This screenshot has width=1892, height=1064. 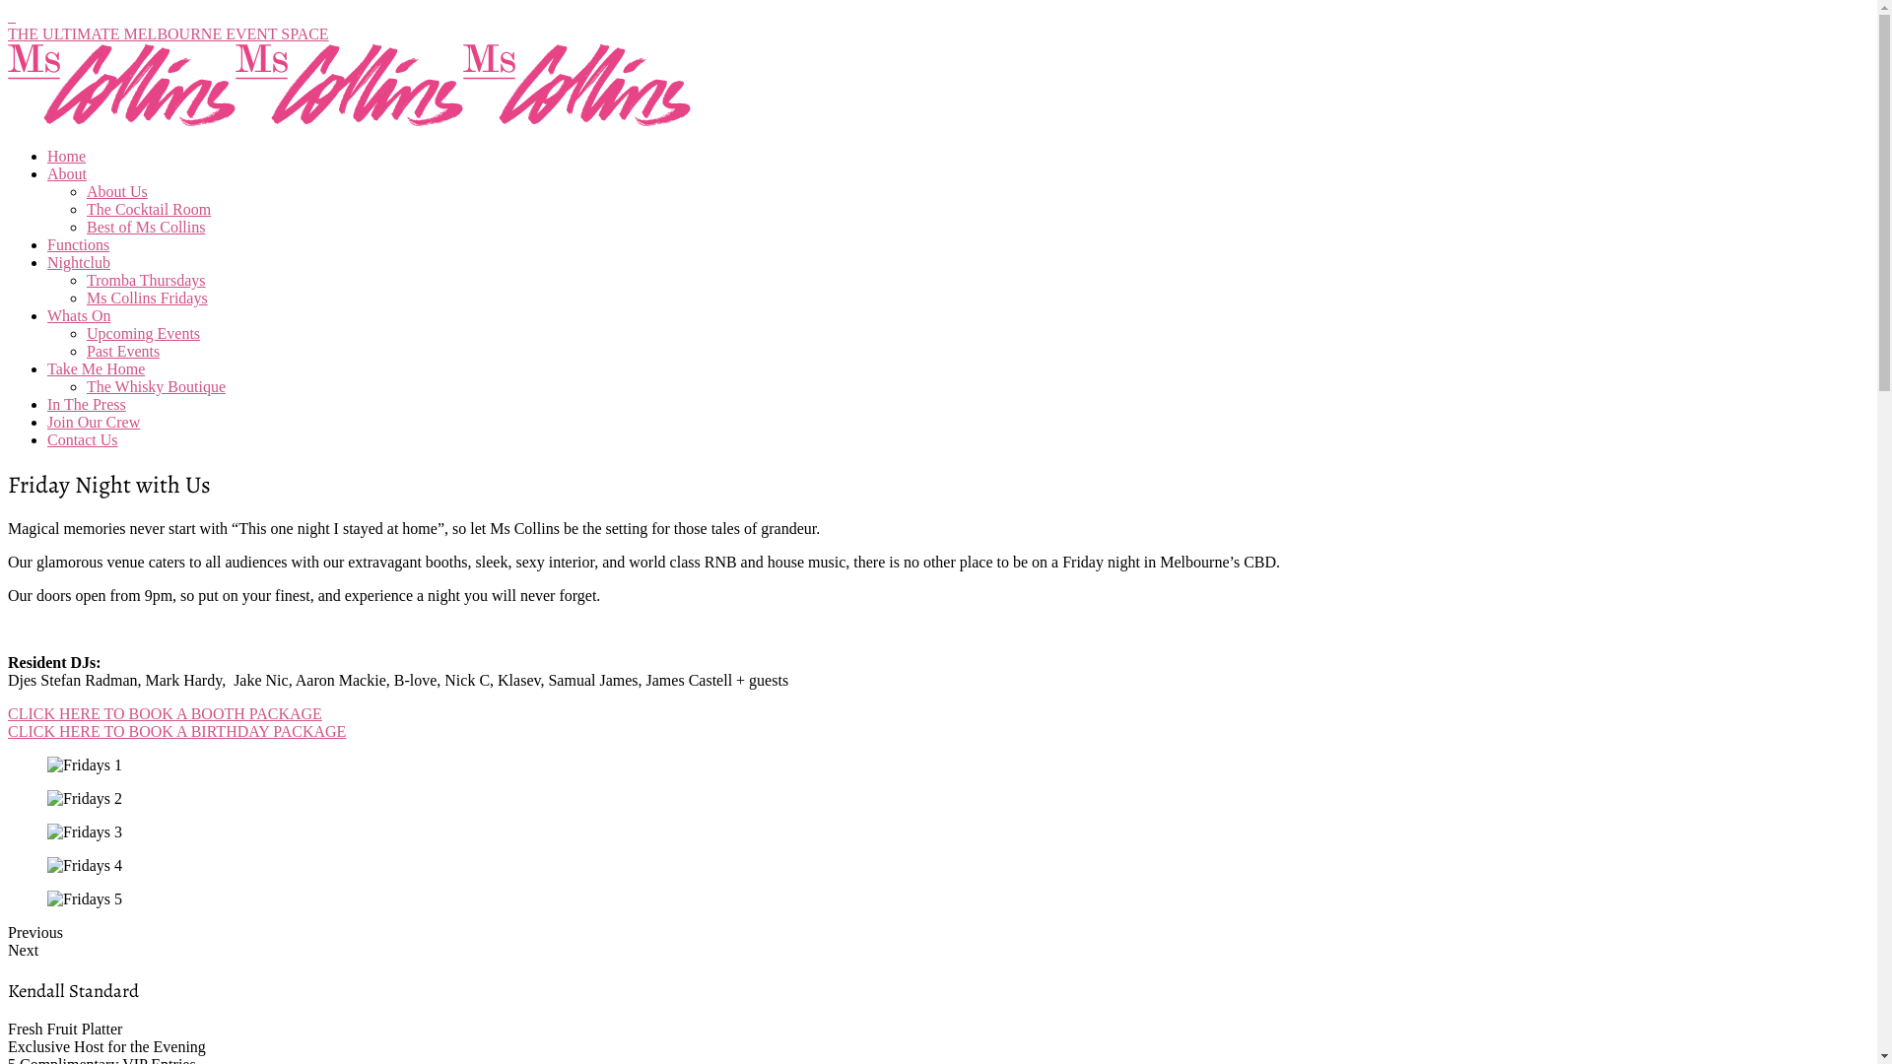 What do you see at coordinates (47, 155) in the screenshot?
I see `'Home'` at bounding box center [47, 155].